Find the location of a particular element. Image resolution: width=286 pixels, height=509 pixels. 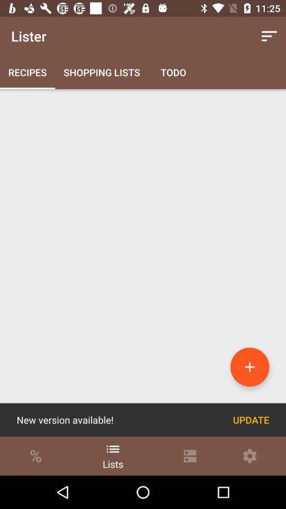

the add icon is located at coordinates (249, 367).